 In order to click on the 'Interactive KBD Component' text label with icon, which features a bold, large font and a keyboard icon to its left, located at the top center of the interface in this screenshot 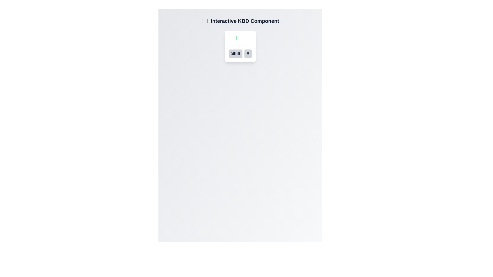, I will do `click(240, 21)`.